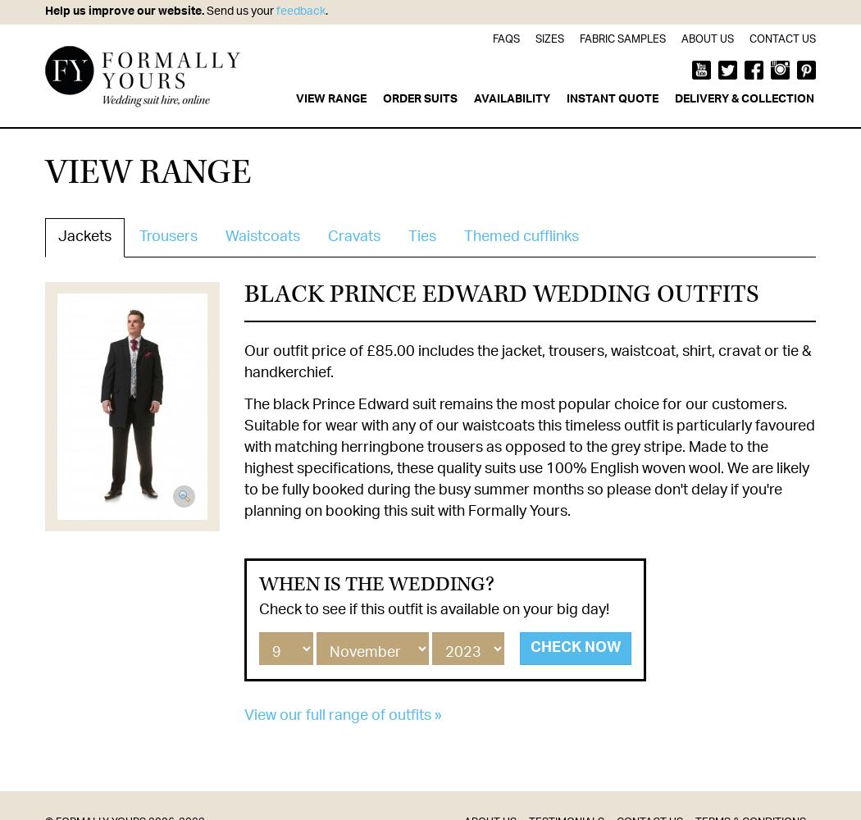  What do you see at coordinates (262, 237) in the screenshot?
I see `'Waistcoats'` at bounding box center [262, 237].